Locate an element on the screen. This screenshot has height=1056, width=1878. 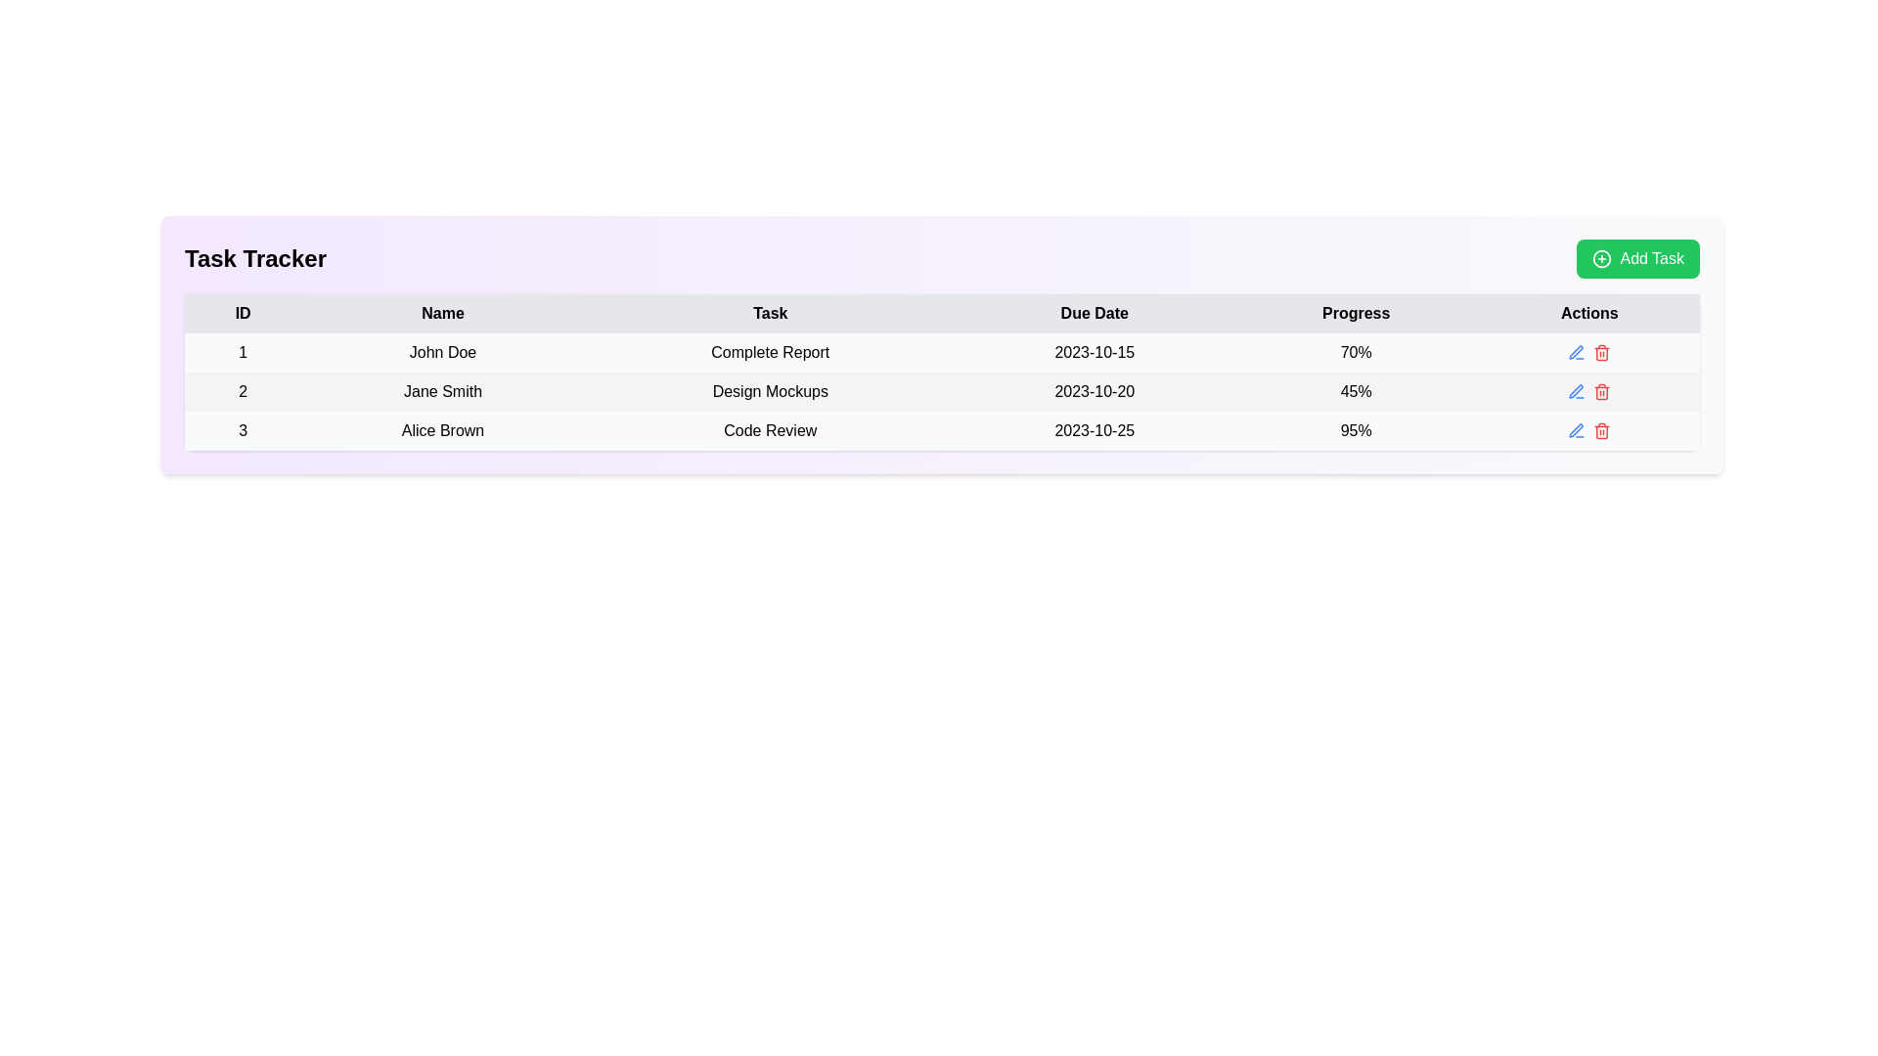
number from the table cell that identifies the row corresponding to 'Jane Smith' in the second row of the table is located at coordinates (242, 392).